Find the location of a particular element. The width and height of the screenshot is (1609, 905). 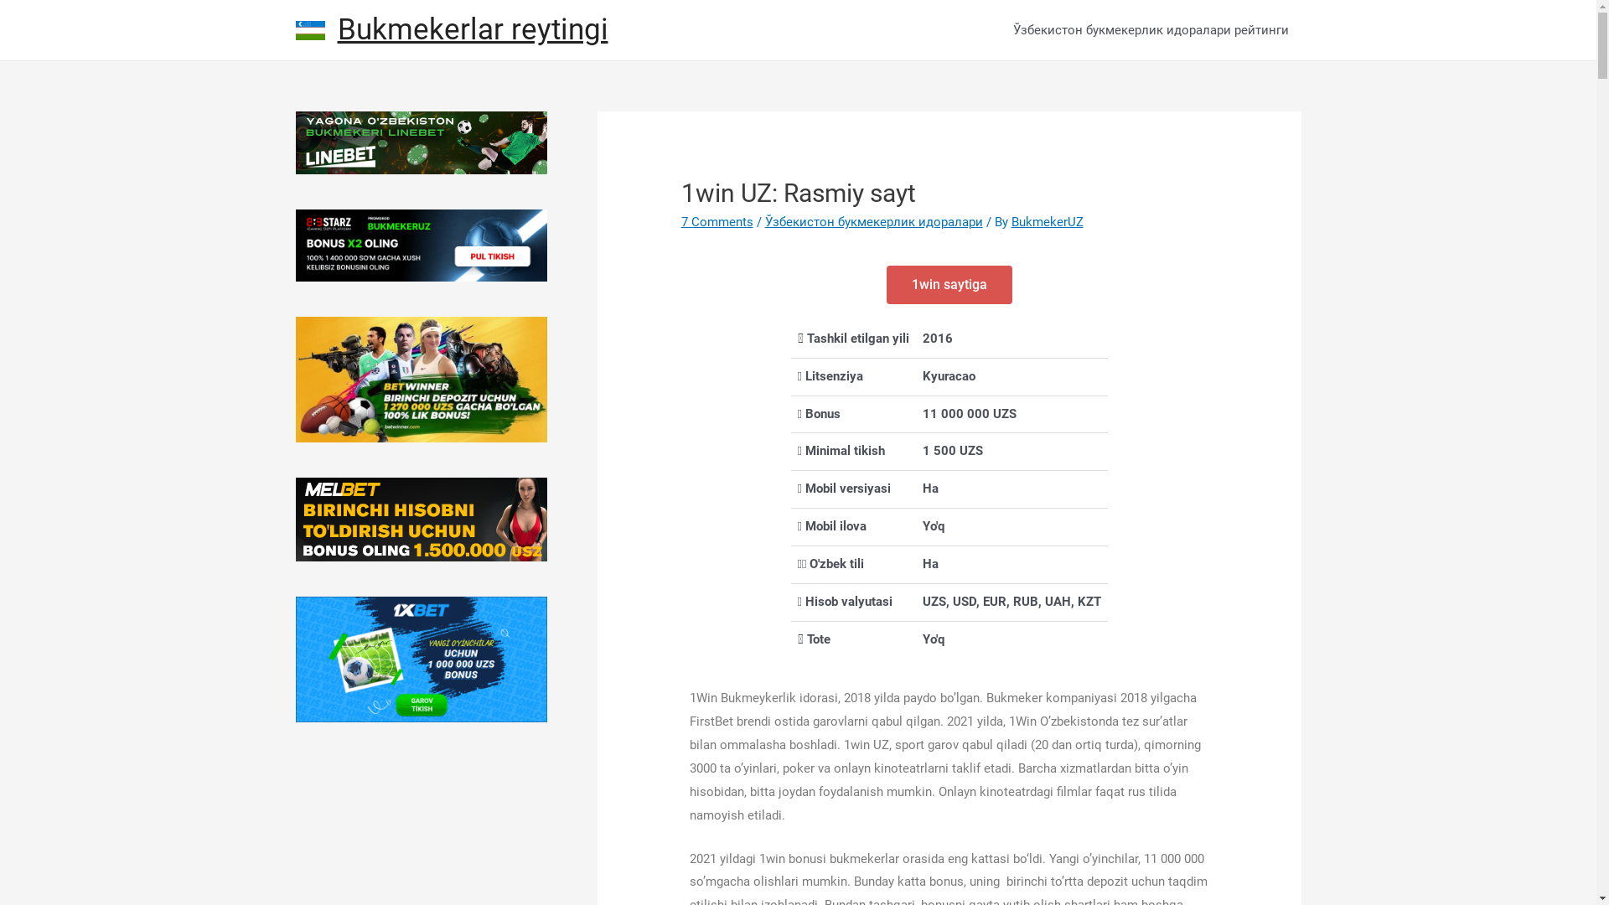

'7 Comments' is located at coordinates (717, 221).